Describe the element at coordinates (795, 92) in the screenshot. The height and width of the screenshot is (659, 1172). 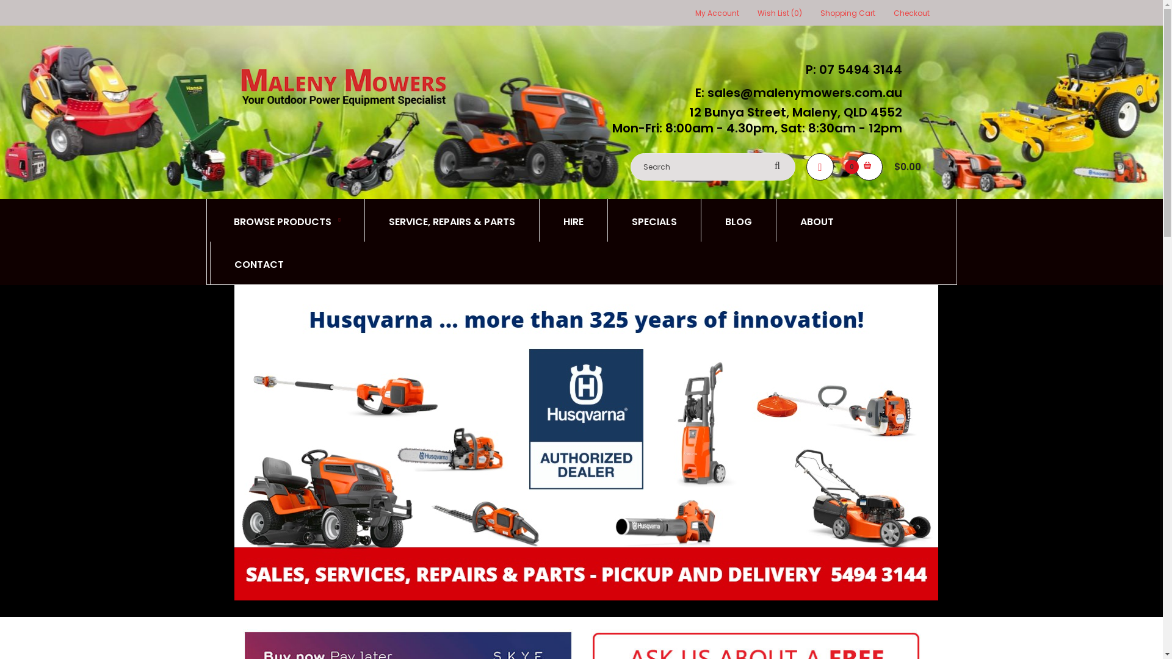
I see `'E: sales@malenymowers.com.au'` at that location.